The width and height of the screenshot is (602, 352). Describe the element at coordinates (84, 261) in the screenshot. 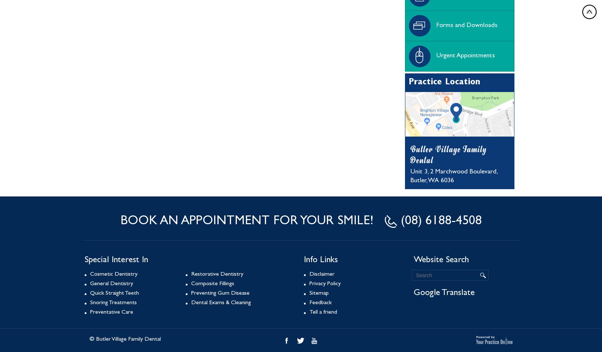

I see `'Special Interest In'` at that location.